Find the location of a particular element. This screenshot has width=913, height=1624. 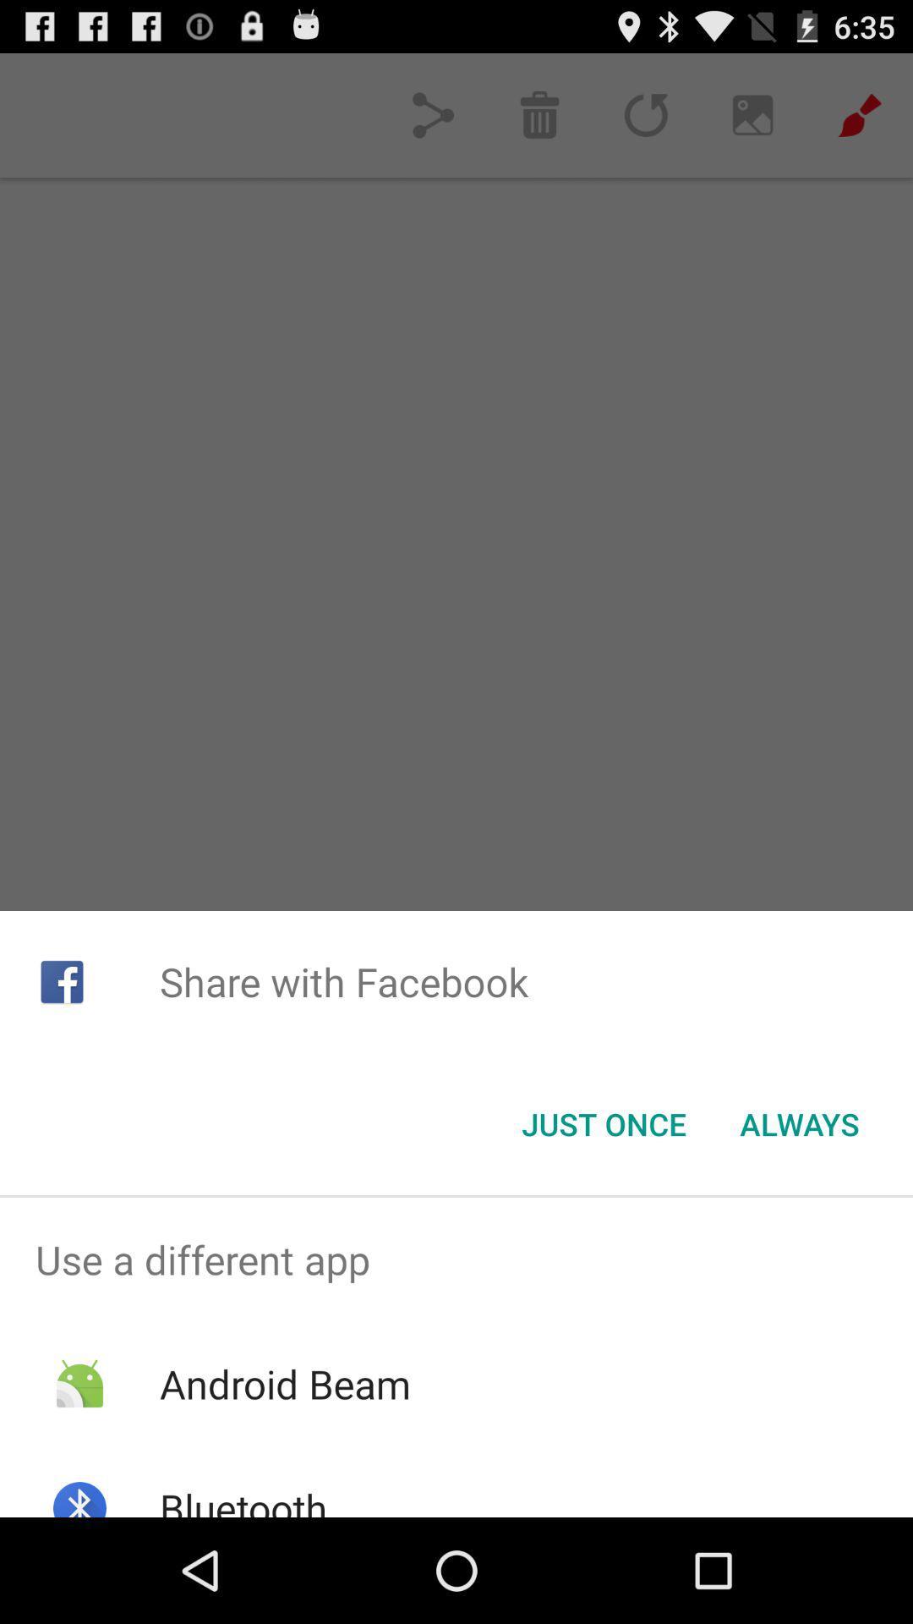

button next to the always item is located at coordinates (603, 1124).